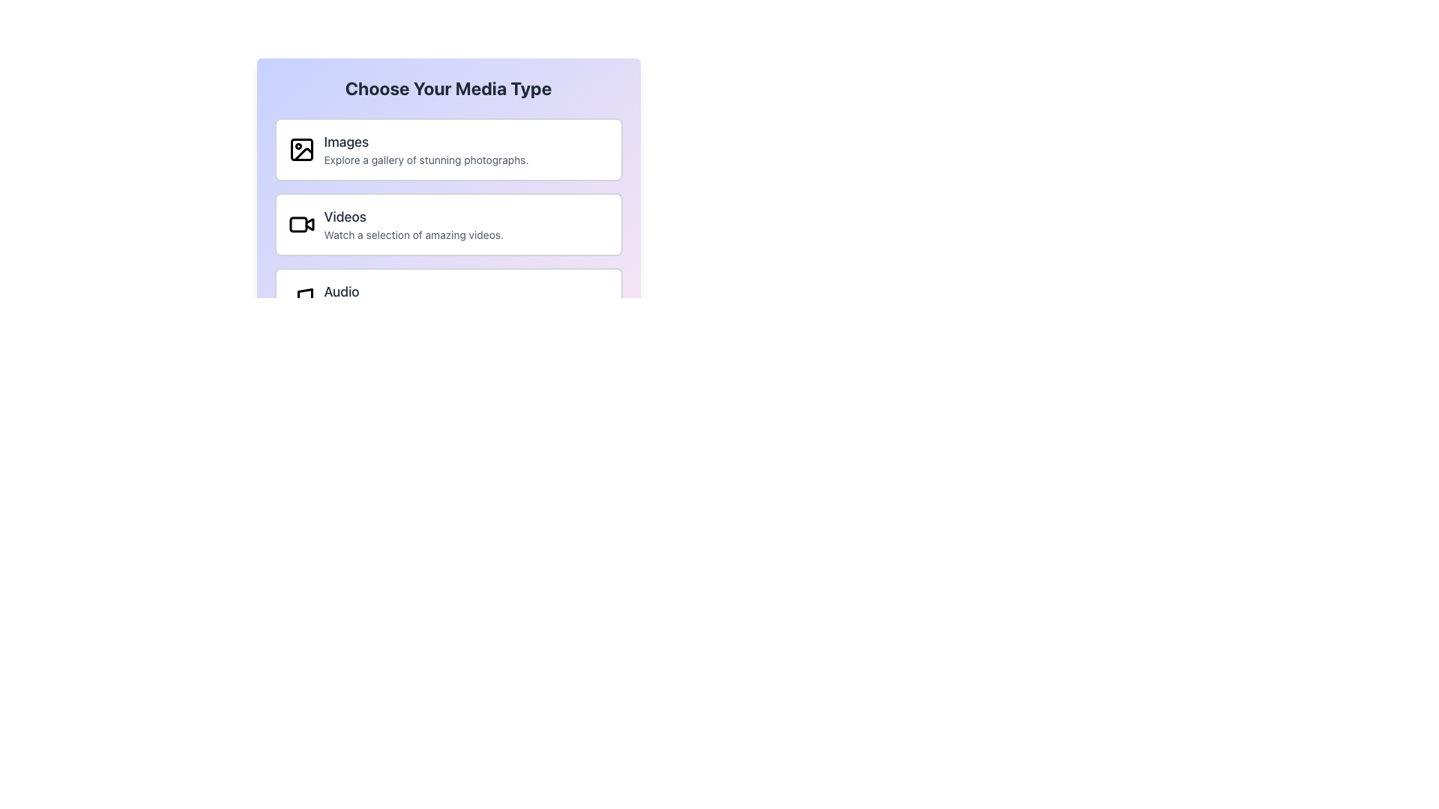 The height and width of the screenshot is (809, 1439). Describe the element at coordinates (301, 150) in the screenshot. I see `the small square icon depicting an image frame with a circular sun or moon shape` at that location.